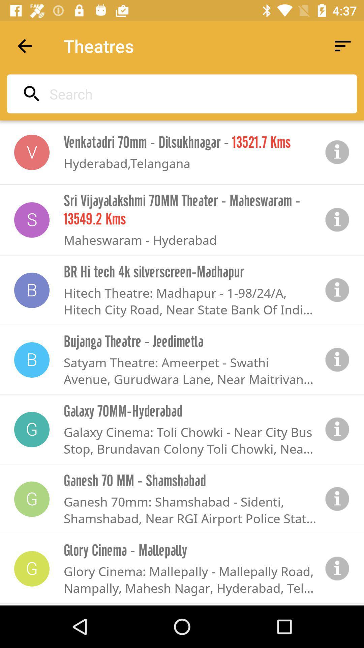  Describe the element at coordinates (337, 499) in the screenshot. I see `show information` at that location.